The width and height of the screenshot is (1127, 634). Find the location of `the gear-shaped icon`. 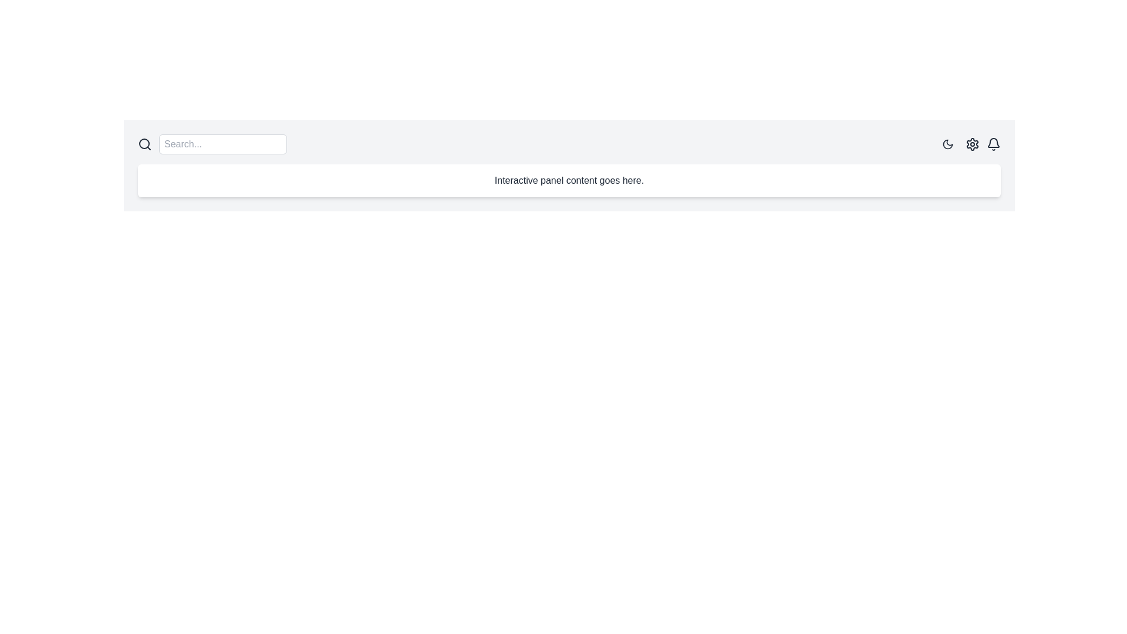

the gear-shaped icon is located at coordinates (972, 144).